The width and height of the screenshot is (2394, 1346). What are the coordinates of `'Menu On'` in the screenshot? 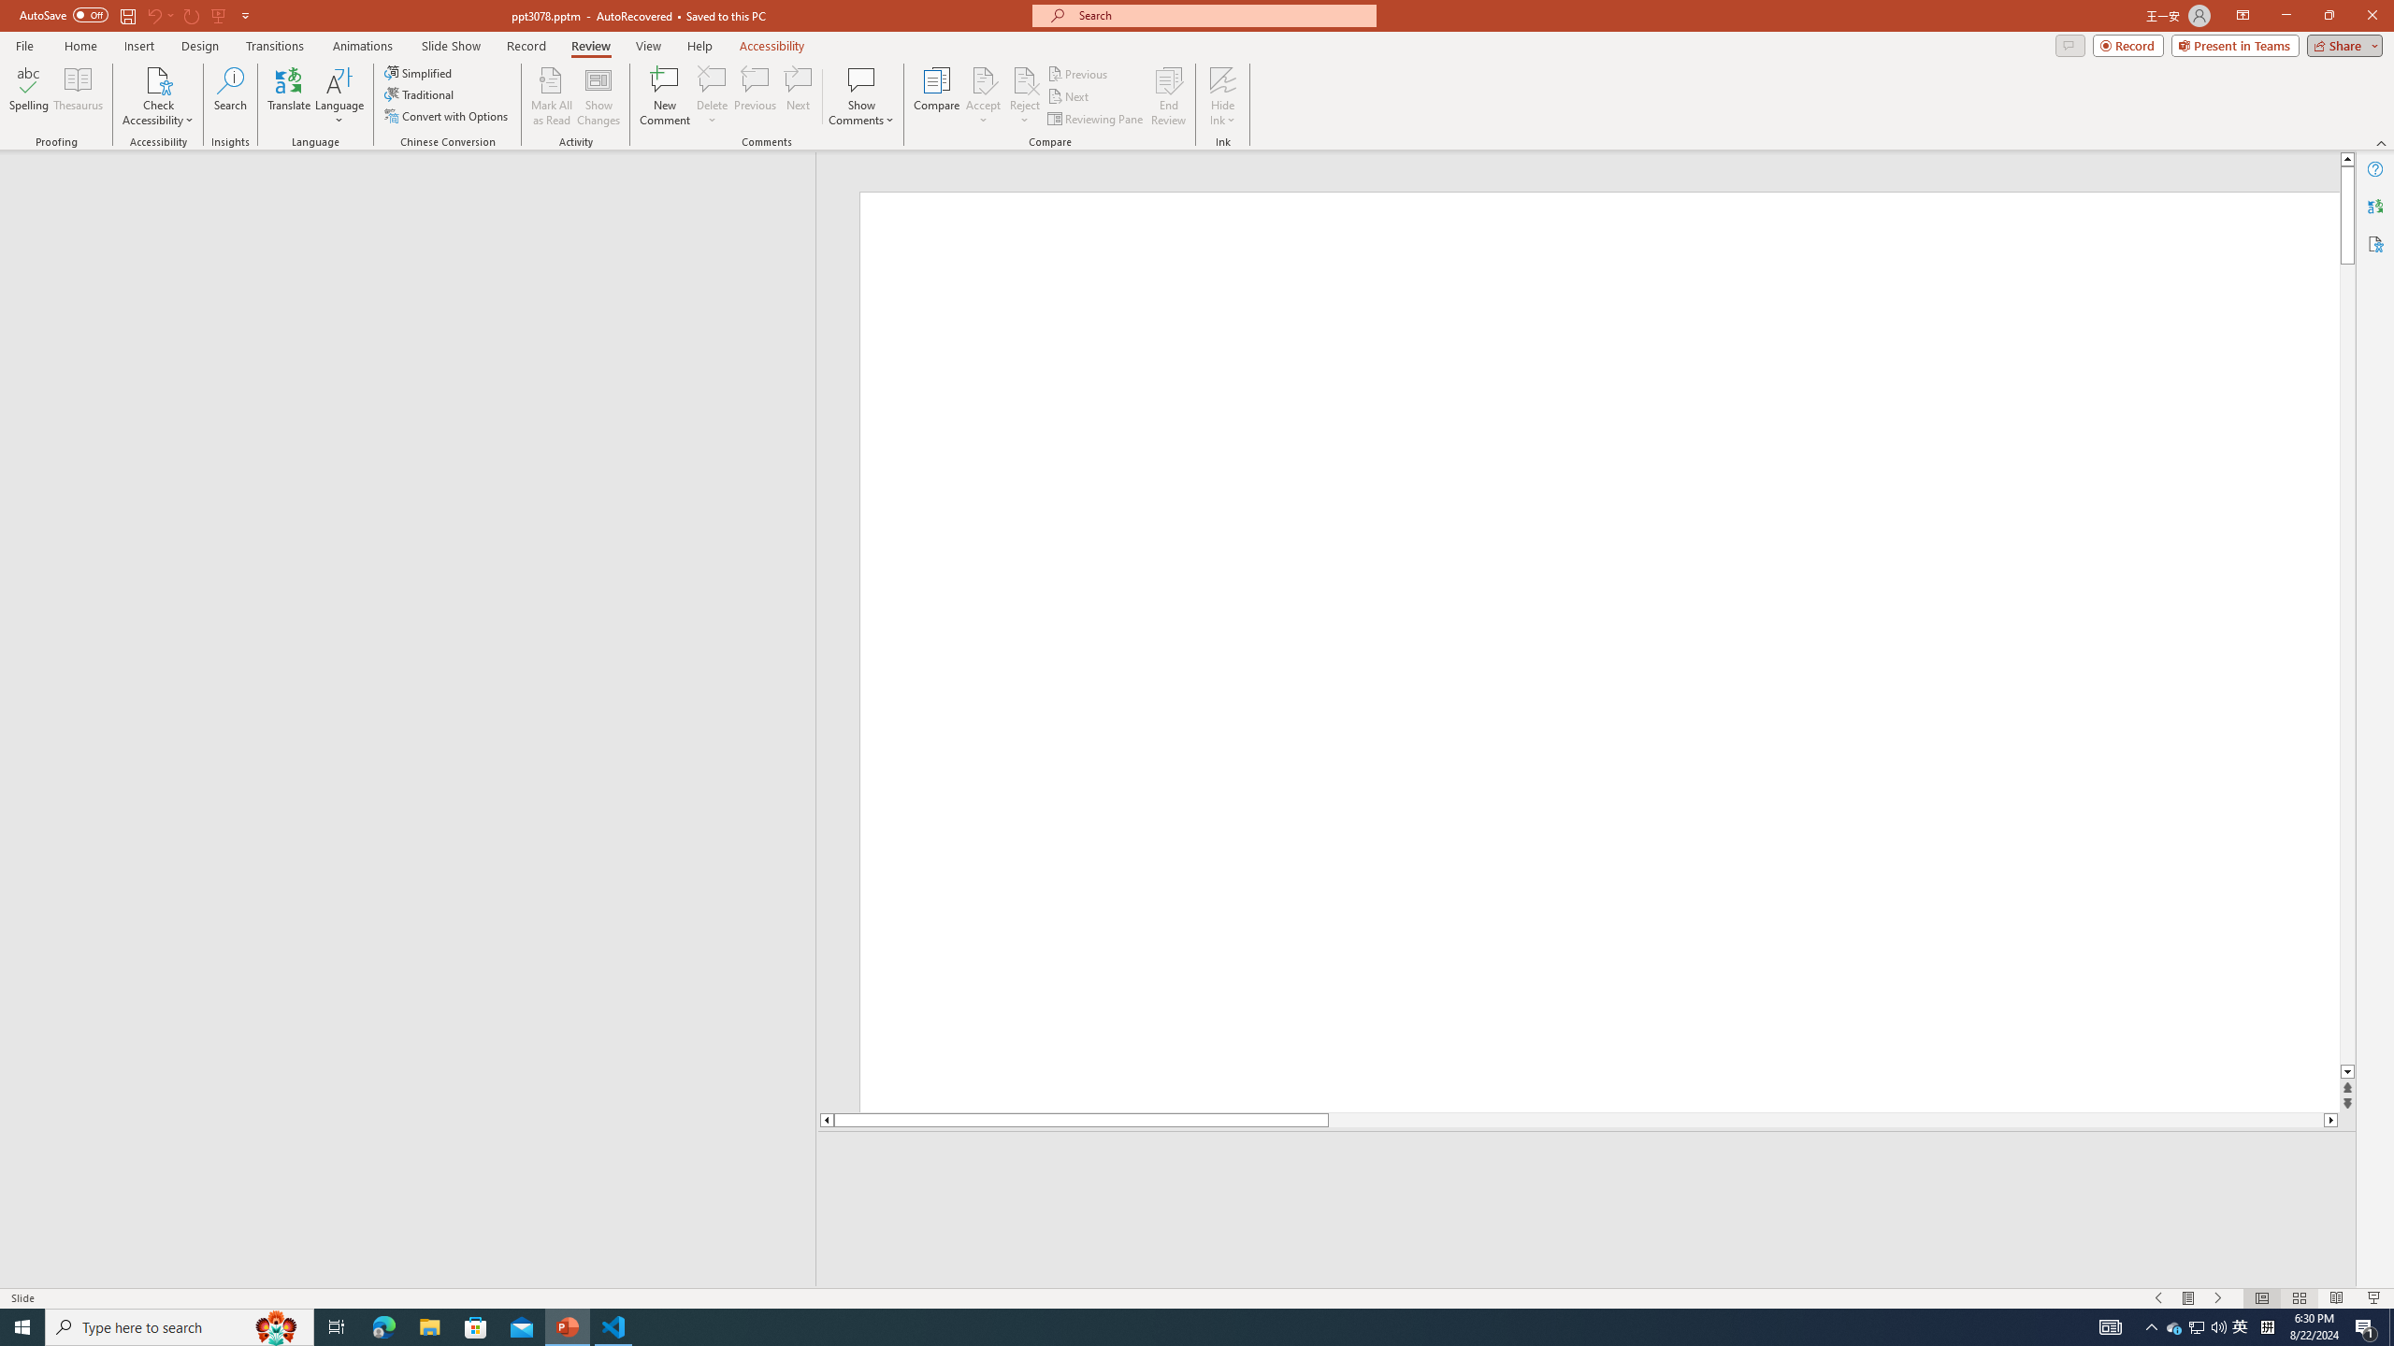 It's located at (2188, 1298).